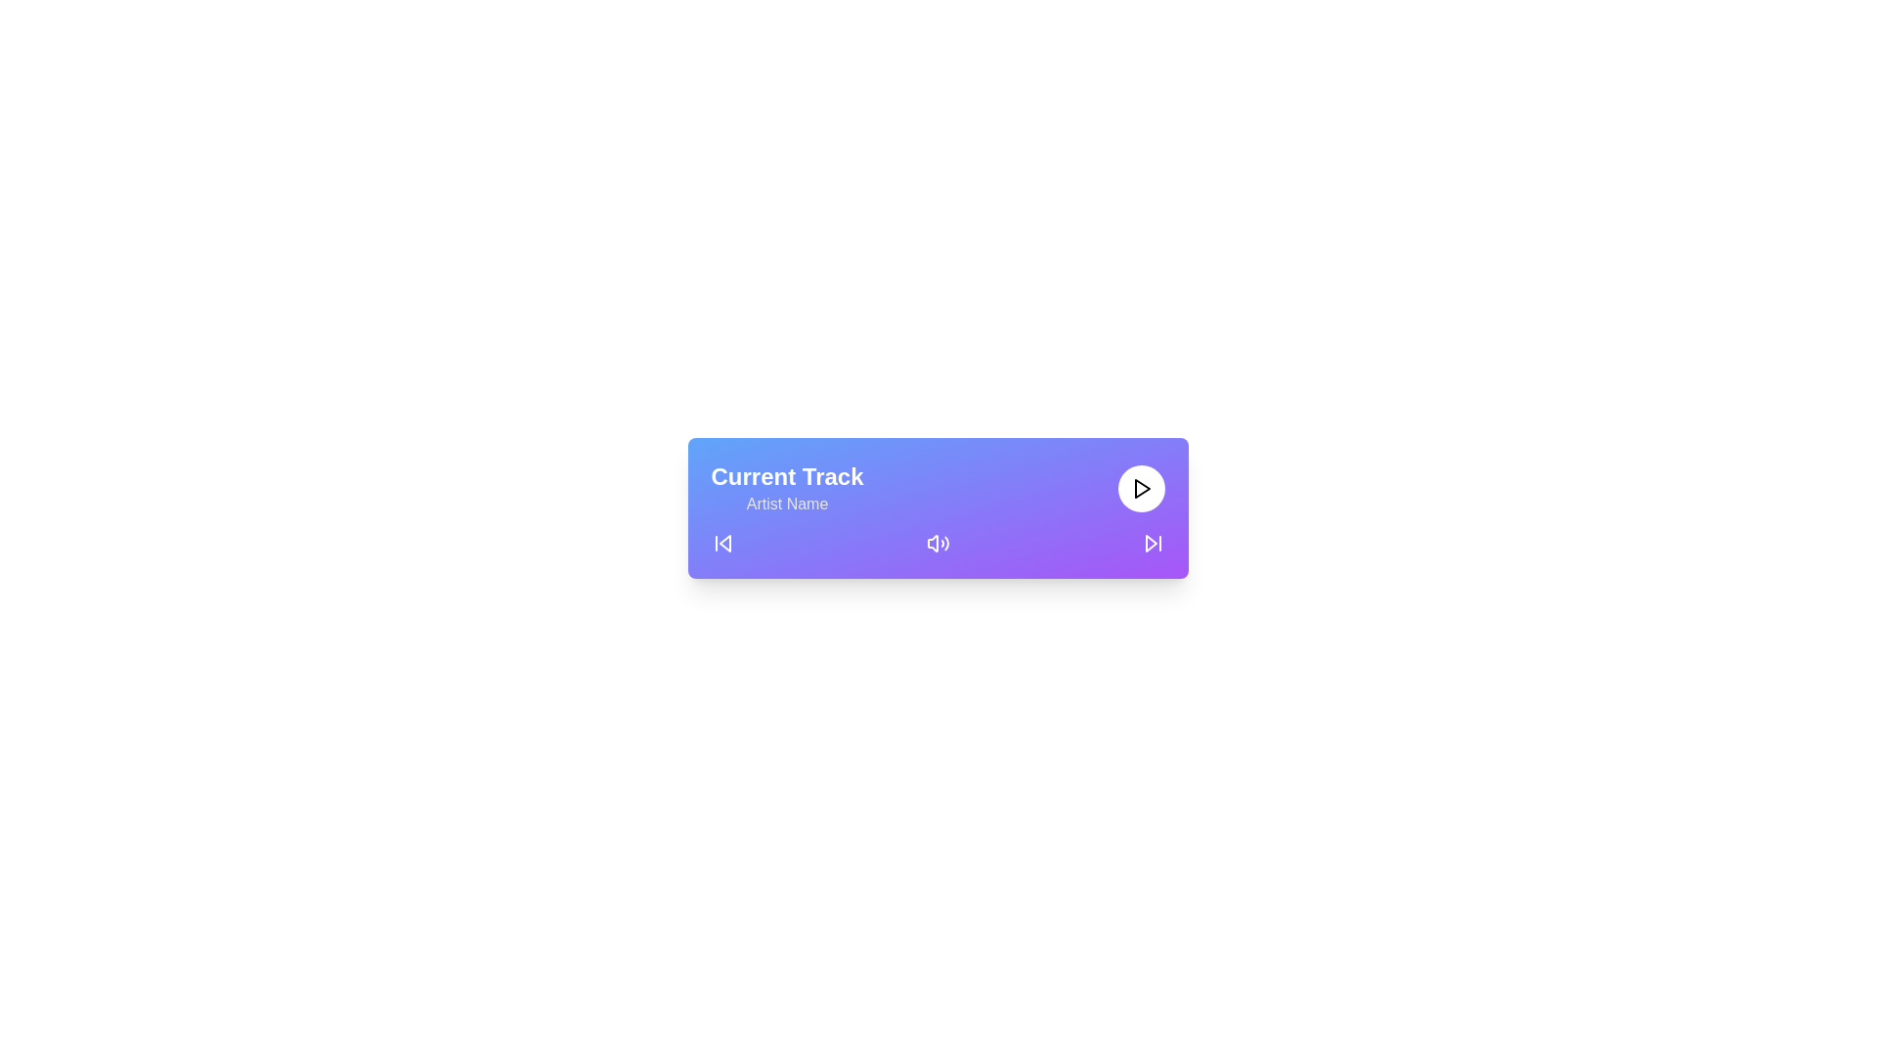  Describe the element at coordinates (787, 488) in the screenshot. I see `the two-line text label displaying 'Current Track' in bold white and 'Artist Name' in gray, located at the top-left of the music player interface` at that location.